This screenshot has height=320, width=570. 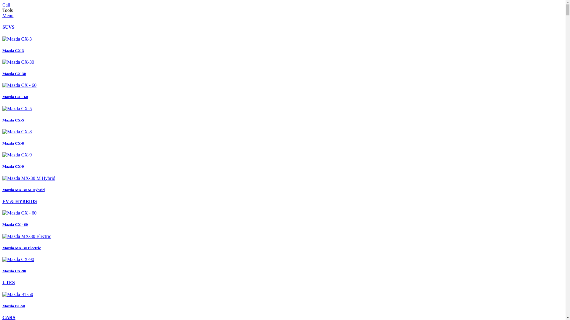 I want to click on 'Tools', so click(x=7, y=10).